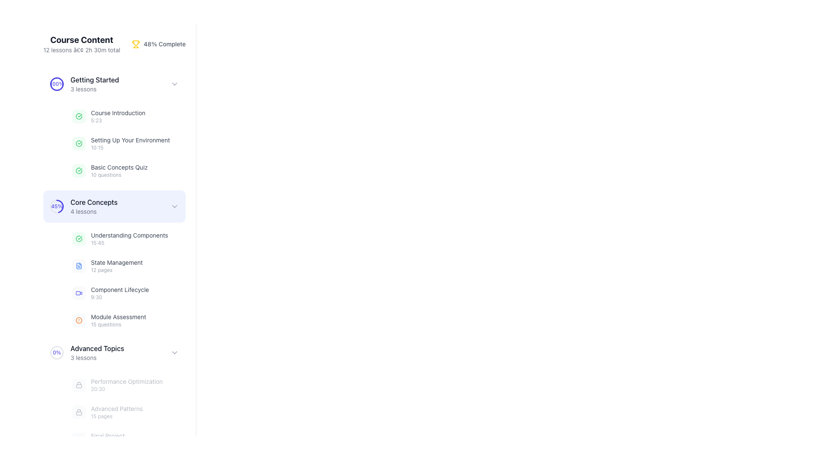 The width and height of the screenshot is (816, 459). What do you see at coordinates (174, 352) in the screenshot?
I see `the chevron toggle button for expanding or collapsing the submenu related to 'Advanced Topics'` at bounding box center [174, 352].